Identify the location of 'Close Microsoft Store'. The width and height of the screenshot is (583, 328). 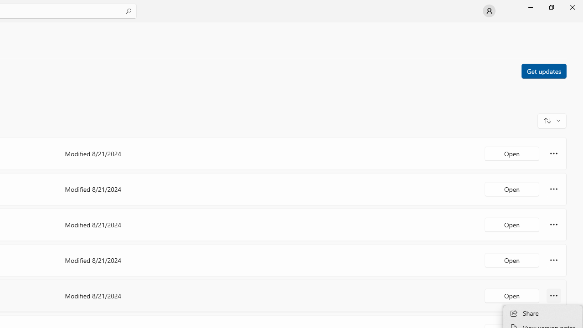
(572, 7).